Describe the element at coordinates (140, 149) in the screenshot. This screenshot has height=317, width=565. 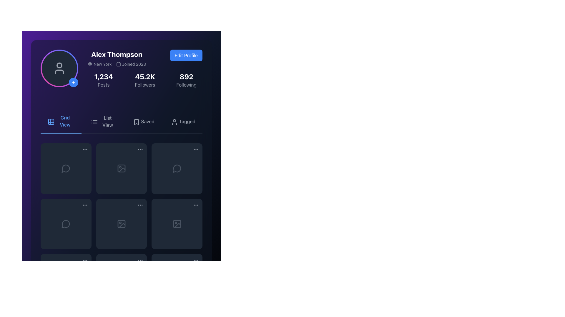
I see `the Ellipsis icon (horizontal) located in the top right corner of the grid item in the top row, second column` at that location.